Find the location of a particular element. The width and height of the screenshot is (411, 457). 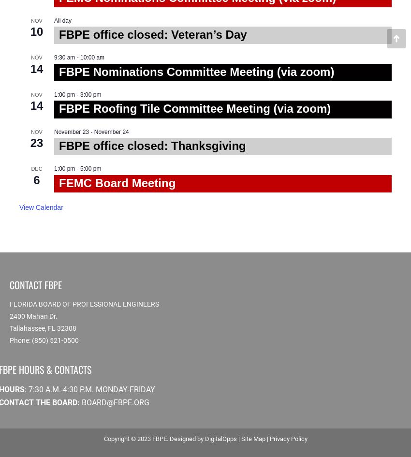

'BOARD@FBPE.ORG' is located at coordinates (116, 402).